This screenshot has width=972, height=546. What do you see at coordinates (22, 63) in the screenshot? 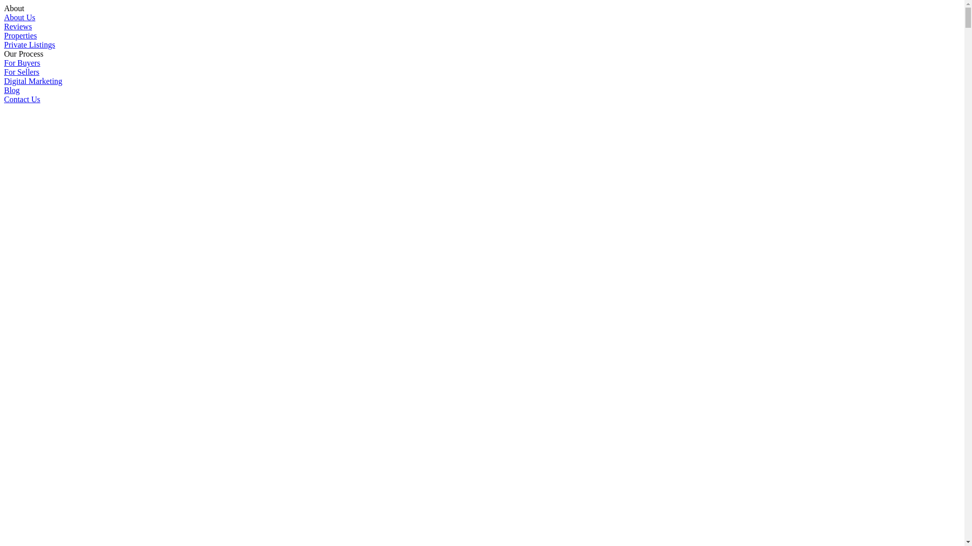
I see `'For Buyers'` at bounding box center [22, 63].